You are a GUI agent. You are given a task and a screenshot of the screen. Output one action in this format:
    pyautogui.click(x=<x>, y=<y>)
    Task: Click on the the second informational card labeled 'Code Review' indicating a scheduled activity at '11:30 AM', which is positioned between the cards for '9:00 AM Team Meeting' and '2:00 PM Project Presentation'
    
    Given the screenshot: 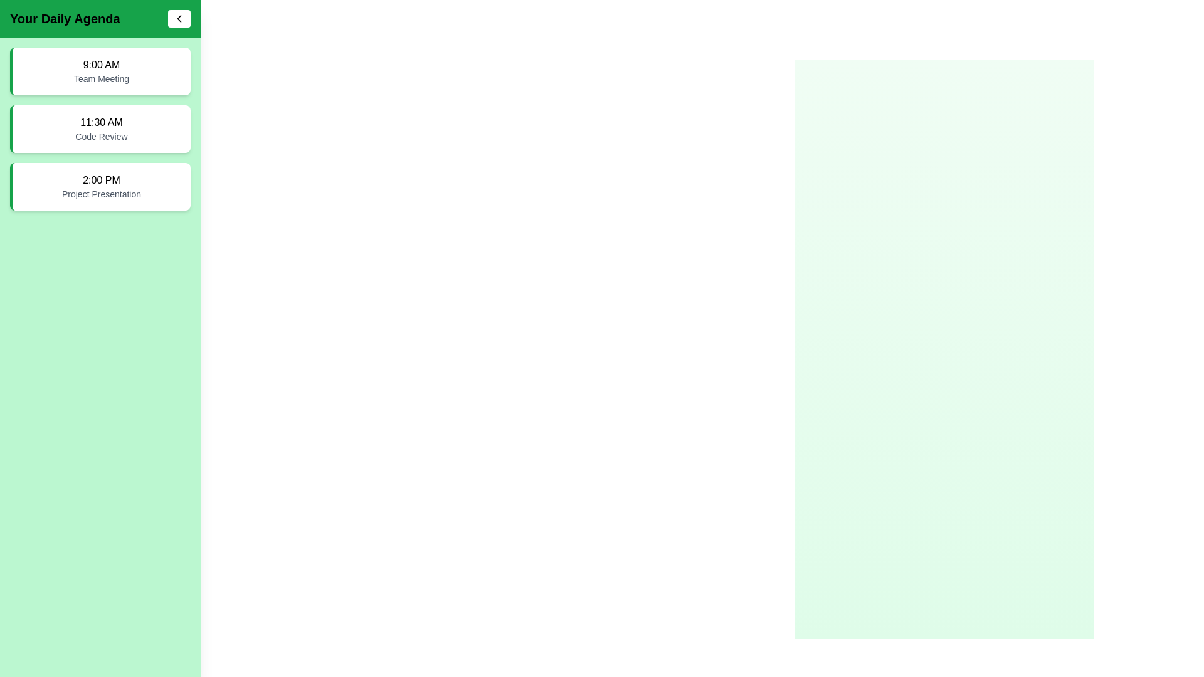 What is the action you would take?
    pyautogui.click(x=99, y=129)
    